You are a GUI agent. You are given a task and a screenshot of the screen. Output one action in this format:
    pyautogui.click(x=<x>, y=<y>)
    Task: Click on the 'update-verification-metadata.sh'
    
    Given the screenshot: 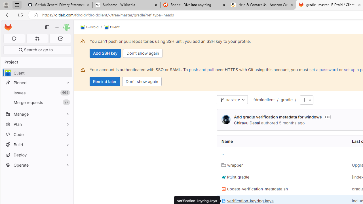 What is the action you would take?
    pyautogui.click(x=254, y=189)
    